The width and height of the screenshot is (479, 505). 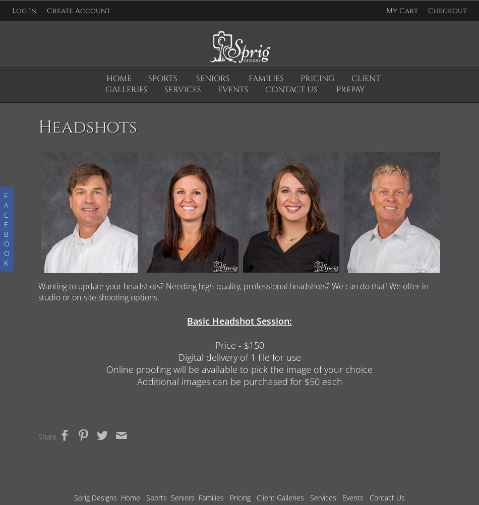 I want to click on 'Digital delivery of 1 file for use', so click(x=238, y=357).